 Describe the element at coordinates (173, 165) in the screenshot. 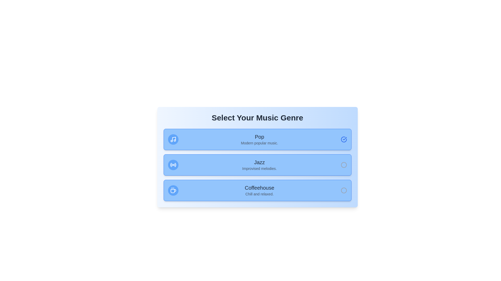

I see `the decorative icon next to the 'Jazz' option in the 'Select Your Music Genre' list` at that location.